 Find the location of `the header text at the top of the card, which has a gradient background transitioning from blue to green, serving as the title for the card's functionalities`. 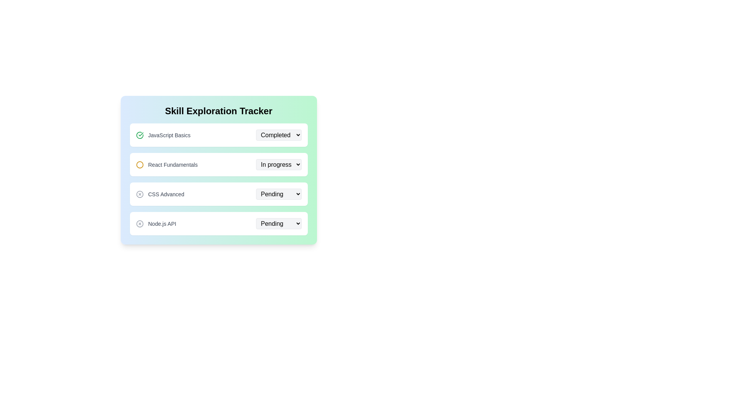

the header text at the top of the card, which has a gradient background transitioning from blue to green, serving as the title for the card's functionalities is located at coordinates (218, 111).